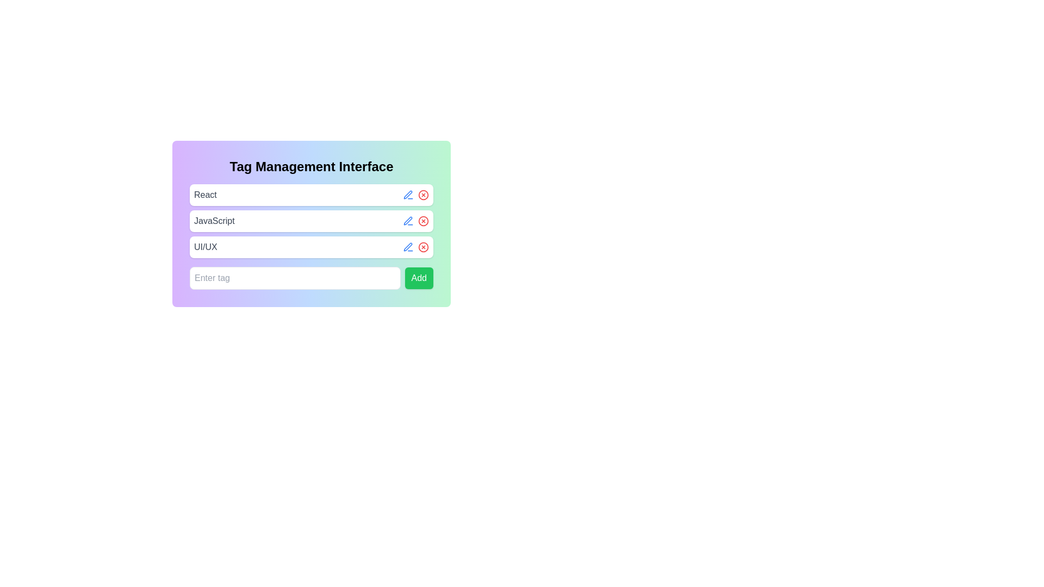 The width and height of the screenshot is (1044, 587). Describe the element at coordinates (407, 247) in the screenshot. I see `the blue pen icon button located next to the 'UI/UX' text field` at that location.